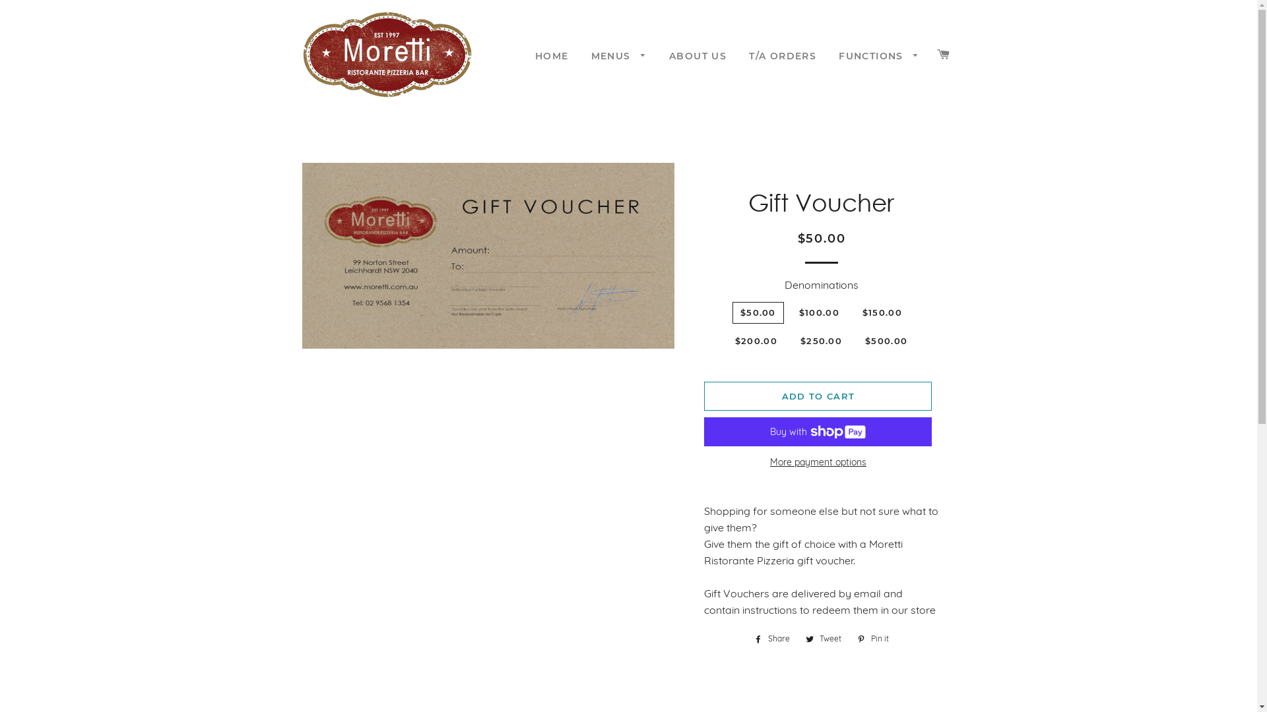 This screenshot has width=1267, height=712. Describe the element at coordinates (817, 462) in the screenshot. I see `'More payment options'` at that location.